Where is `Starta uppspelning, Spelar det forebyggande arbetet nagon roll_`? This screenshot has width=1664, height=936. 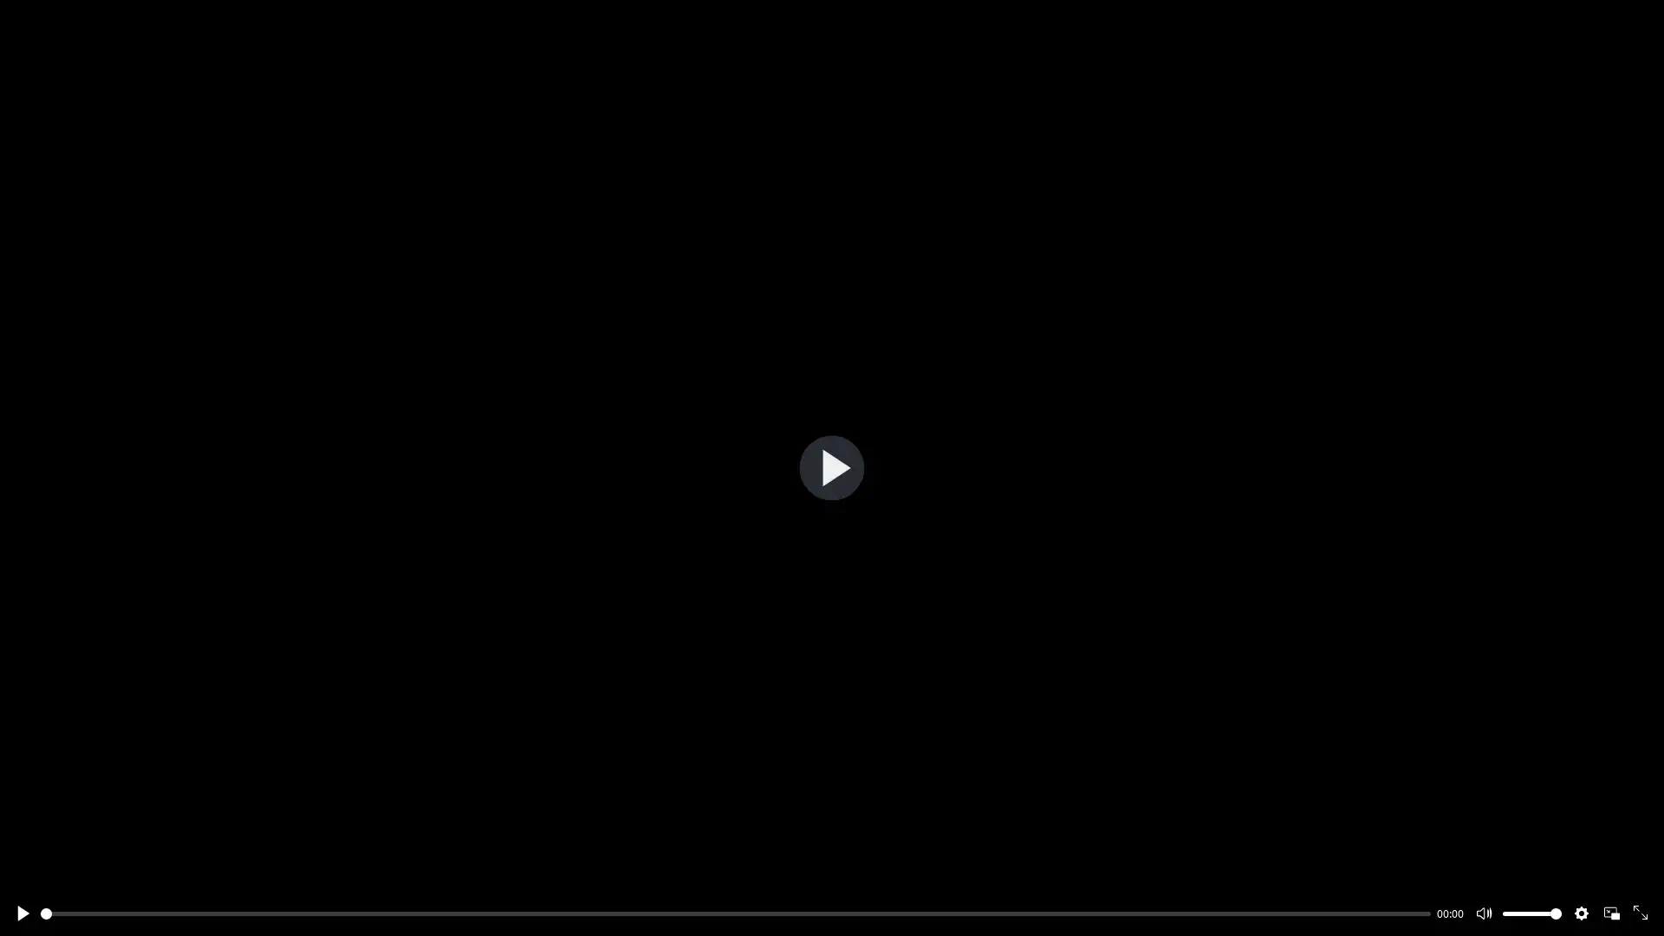 Starta uppspelning, Spelar det forebyggande arbetet nagon roll_ is located at coordinates (830, 466).